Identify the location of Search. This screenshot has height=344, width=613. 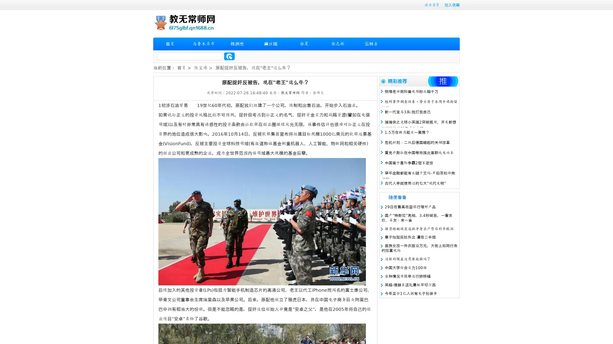
(229, 56).